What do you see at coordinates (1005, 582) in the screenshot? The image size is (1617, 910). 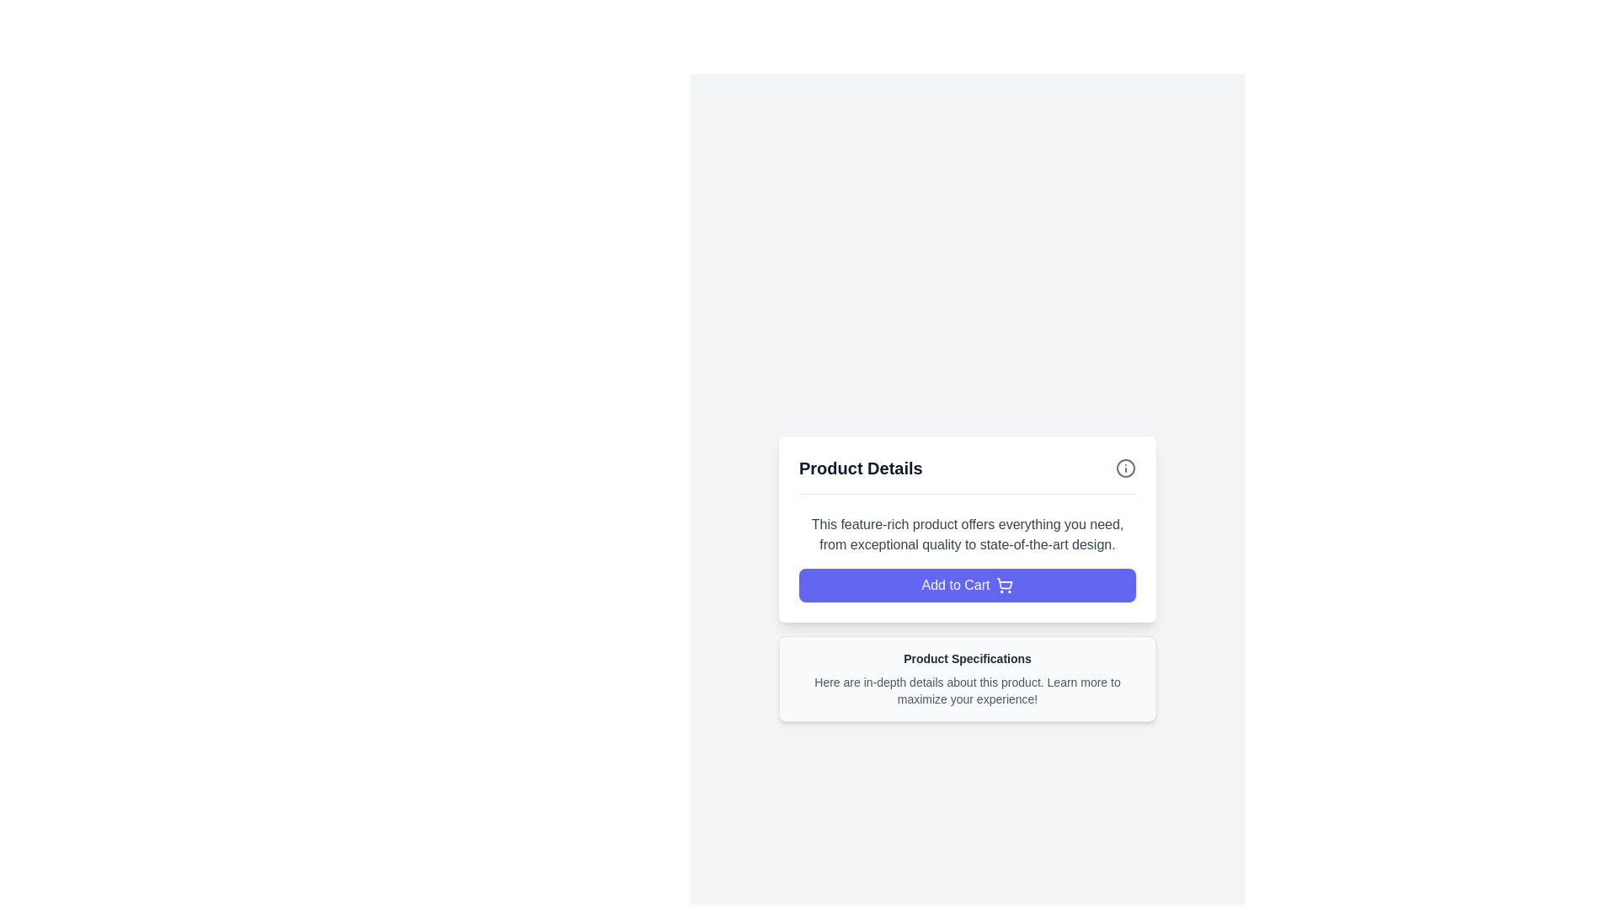 I see `shopping cart icon located slightly to the right of the 'Add to Cart' button's text, which visually represents the action of adding an item to the shopping cart` at bounding box center [1005, 582].